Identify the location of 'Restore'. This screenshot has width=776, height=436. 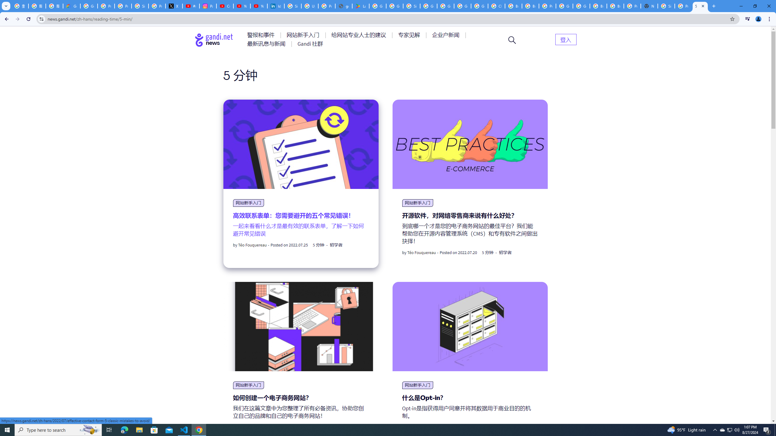
(755, 6).